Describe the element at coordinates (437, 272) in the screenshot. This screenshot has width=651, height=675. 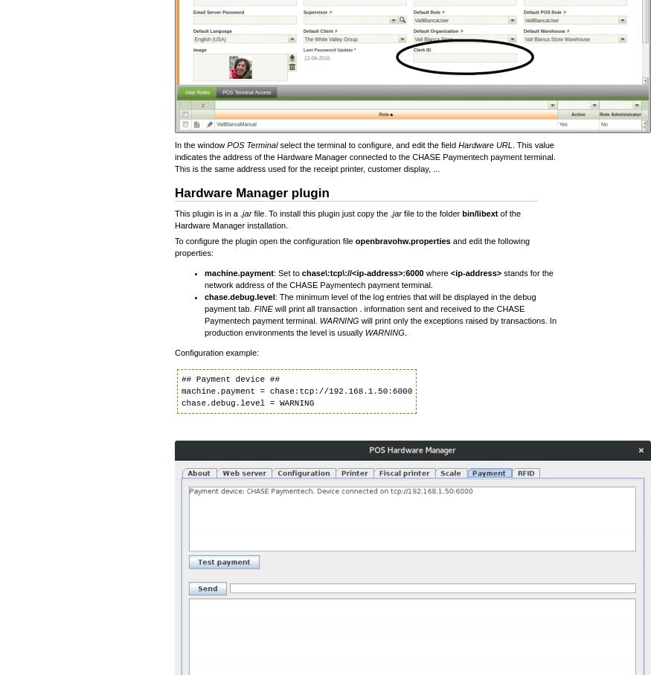
I see `'where'` at that location.